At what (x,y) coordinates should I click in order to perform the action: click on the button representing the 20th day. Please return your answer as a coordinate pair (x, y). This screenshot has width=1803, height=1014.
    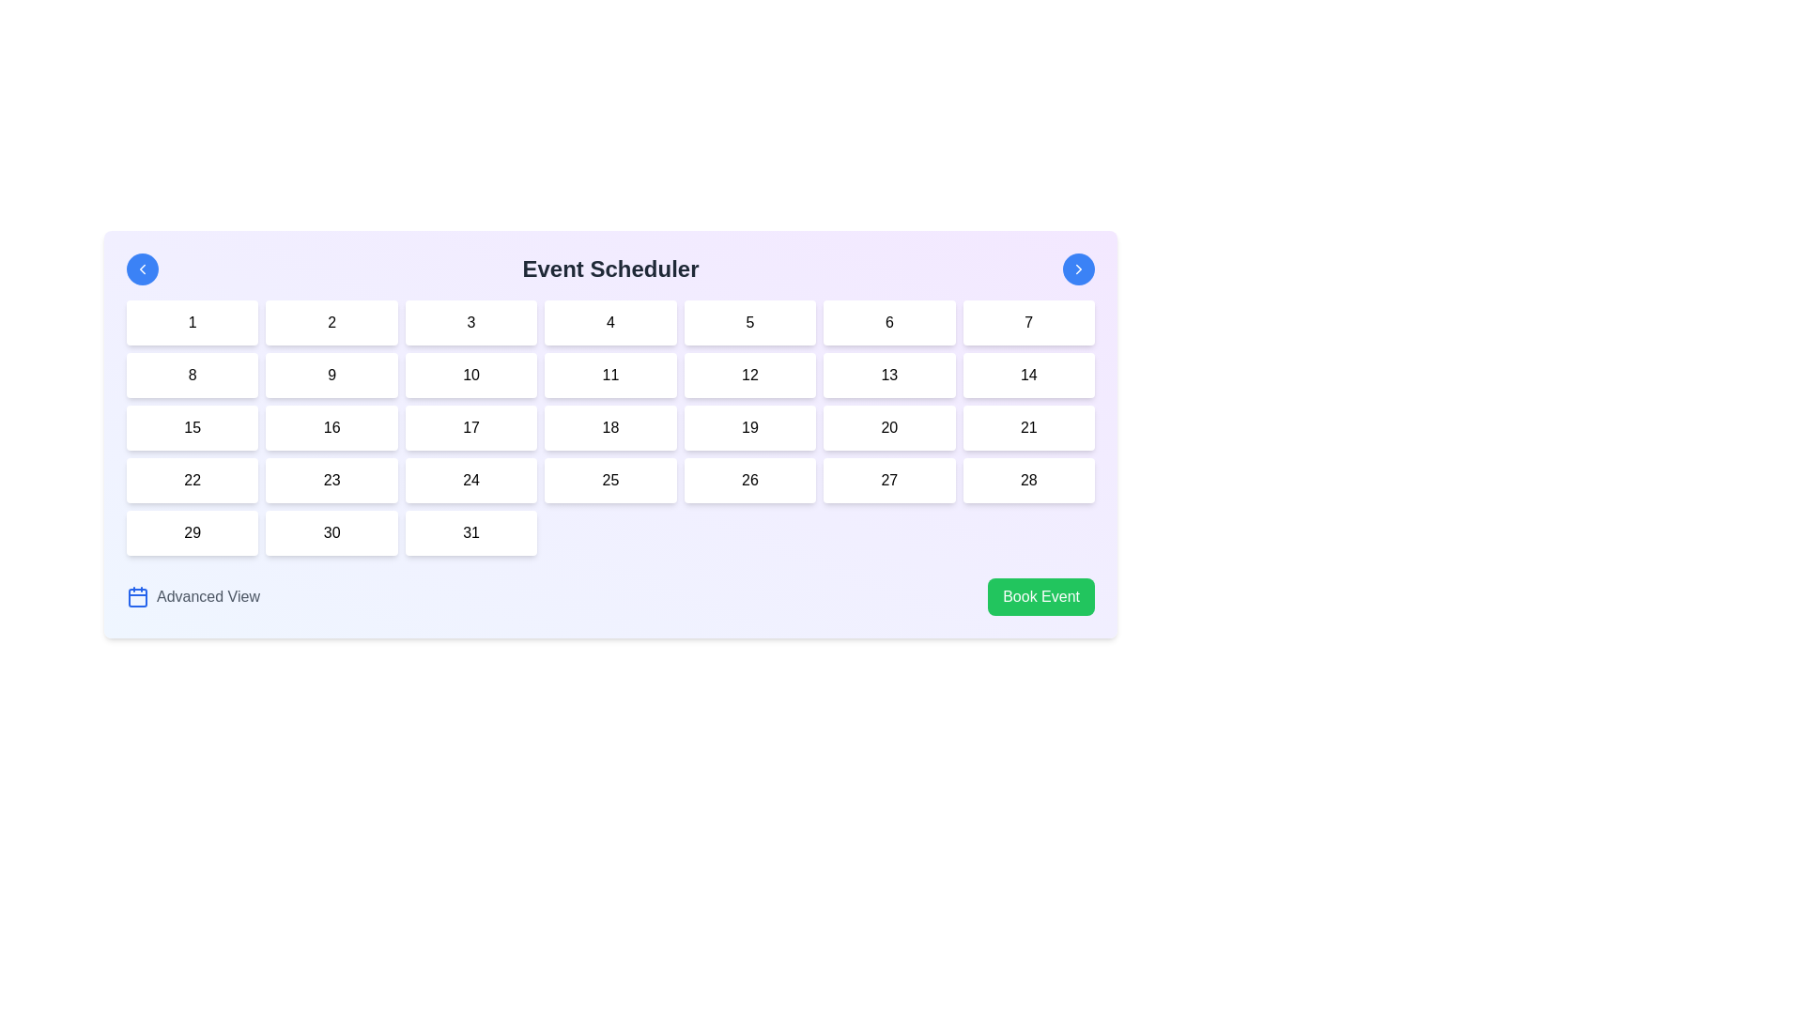
    Looking at the image, I should click on (887, 427).